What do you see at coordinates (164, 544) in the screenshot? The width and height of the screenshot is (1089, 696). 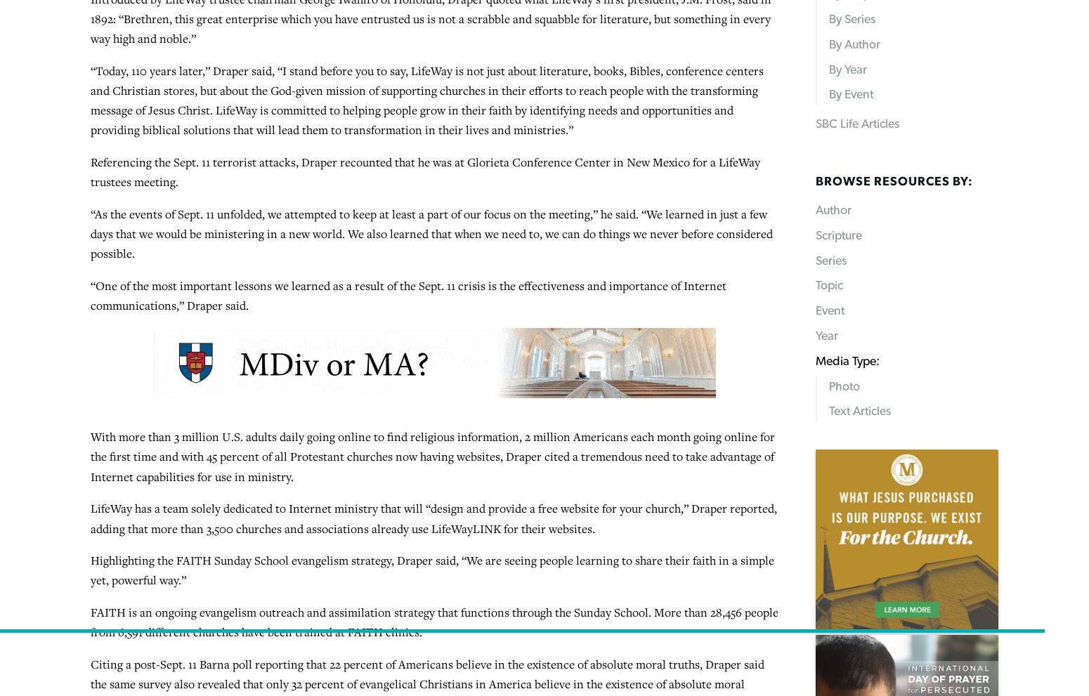 I see `'Baptist Press'` at bounding box center [164, 544].